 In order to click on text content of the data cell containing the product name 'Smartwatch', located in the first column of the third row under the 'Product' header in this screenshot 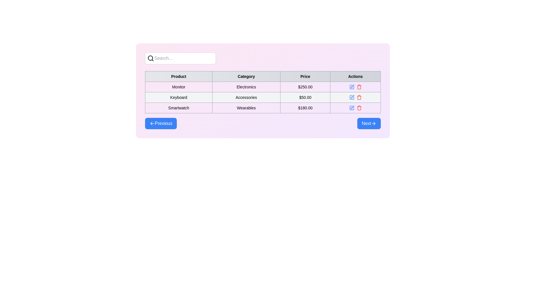, I will do `click(178, 108)`.